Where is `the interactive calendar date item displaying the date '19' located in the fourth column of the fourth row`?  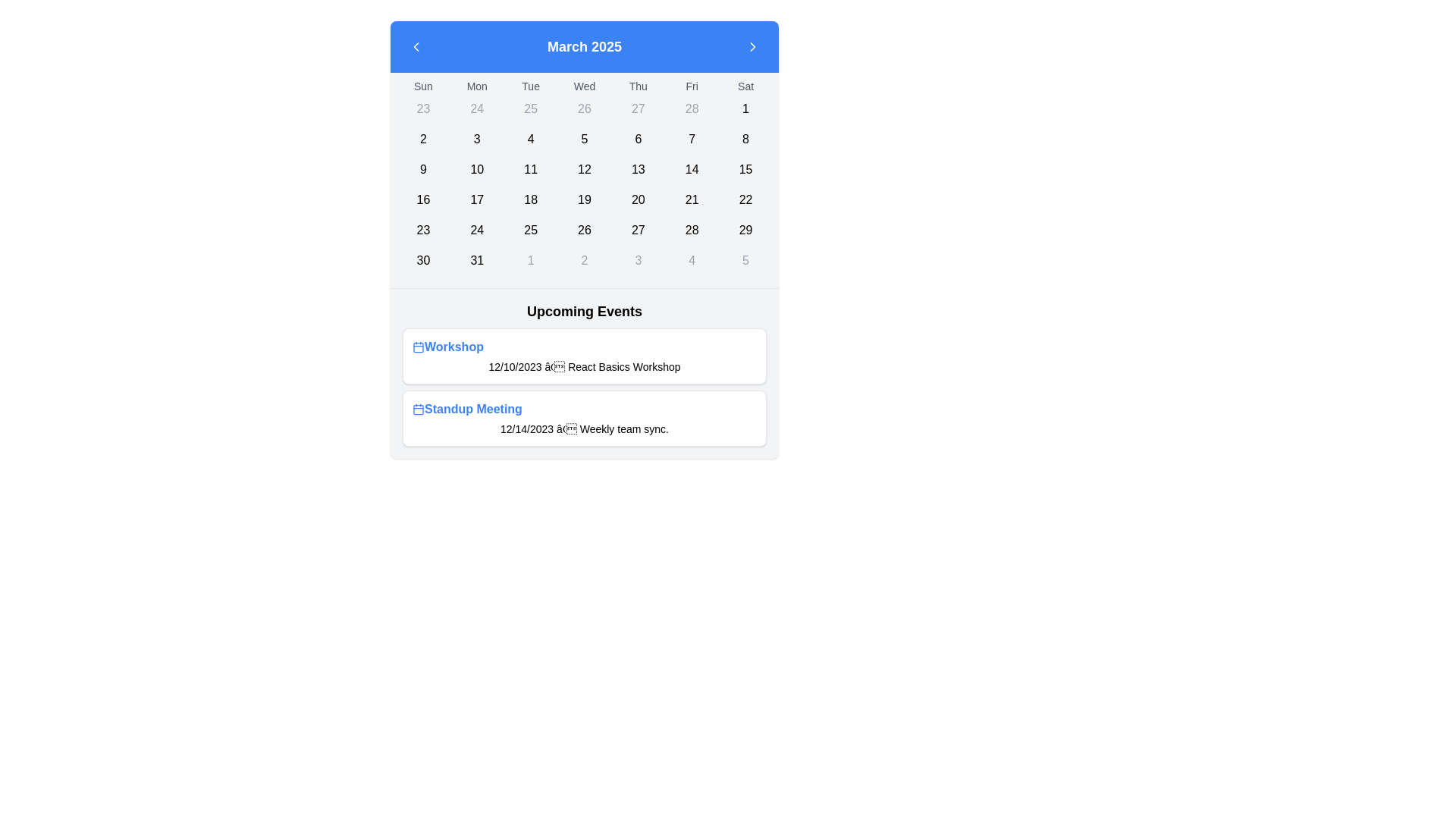 the interactive calendar date item displaying the date '19' located in the fourth column of the fourth row is located at coordinates (584, 199).